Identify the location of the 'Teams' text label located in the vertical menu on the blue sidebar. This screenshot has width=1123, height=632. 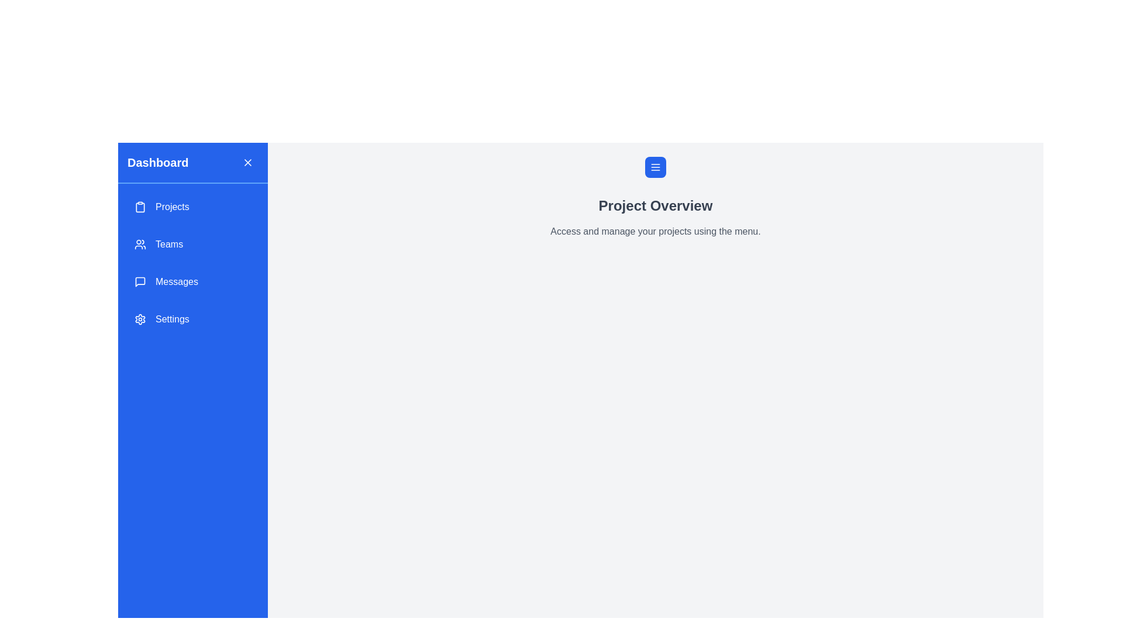
(168, 243).